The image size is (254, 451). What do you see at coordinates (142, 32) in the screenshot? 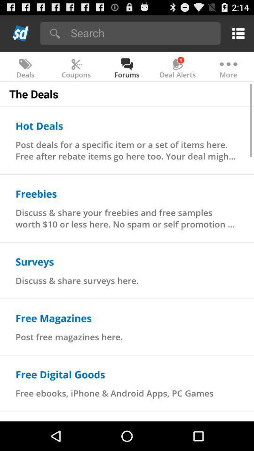
I see `app above the coupons item` at bounding box center [142, 32].